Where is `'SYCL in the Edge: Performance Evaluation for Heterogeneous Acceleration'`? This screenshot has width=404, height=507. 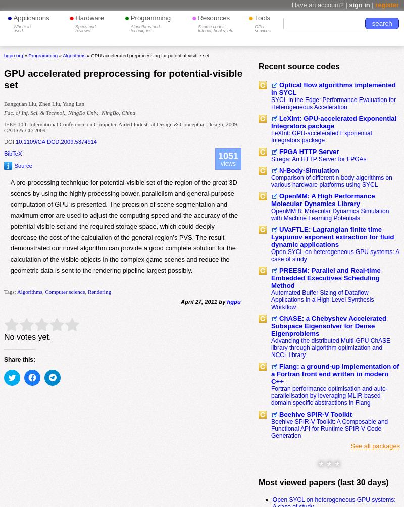
'SYCL in the Edge: Performance Evaluation for Heterogeneous Acceleration' is located at coordinates (333, 103).